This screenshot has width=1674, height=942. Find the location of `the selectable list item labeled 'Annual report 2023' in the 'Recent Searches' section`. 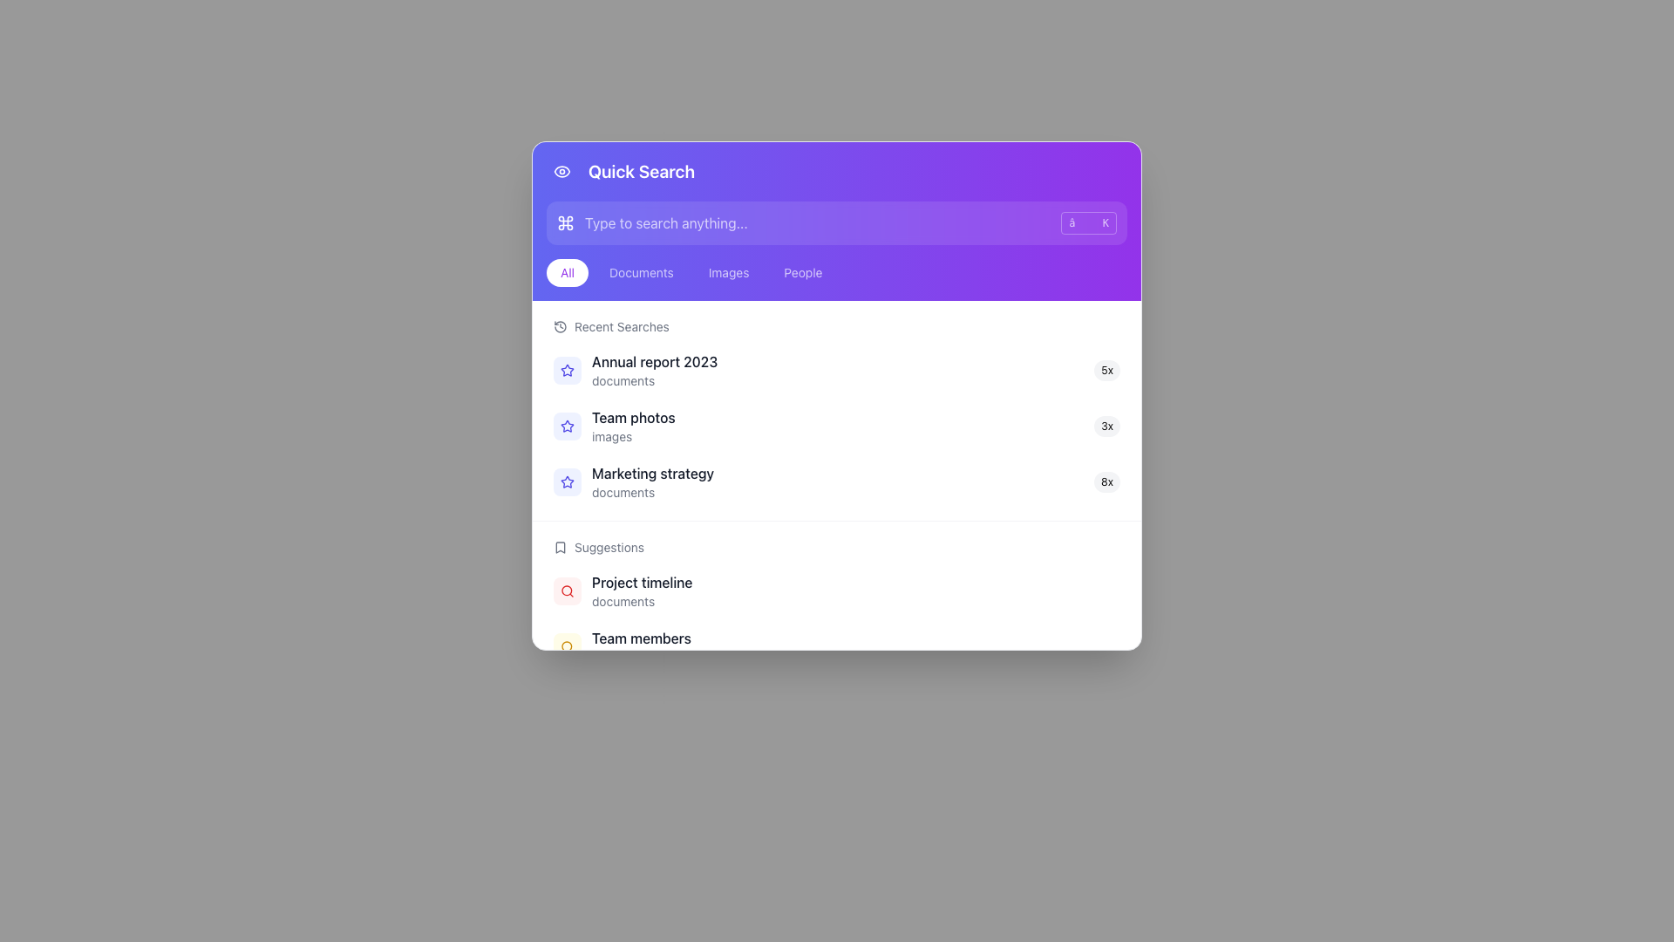

the selectable list item labeled 'Annual report 2023' in the 'Recent Searches' section is located at coordinates (838, 369).